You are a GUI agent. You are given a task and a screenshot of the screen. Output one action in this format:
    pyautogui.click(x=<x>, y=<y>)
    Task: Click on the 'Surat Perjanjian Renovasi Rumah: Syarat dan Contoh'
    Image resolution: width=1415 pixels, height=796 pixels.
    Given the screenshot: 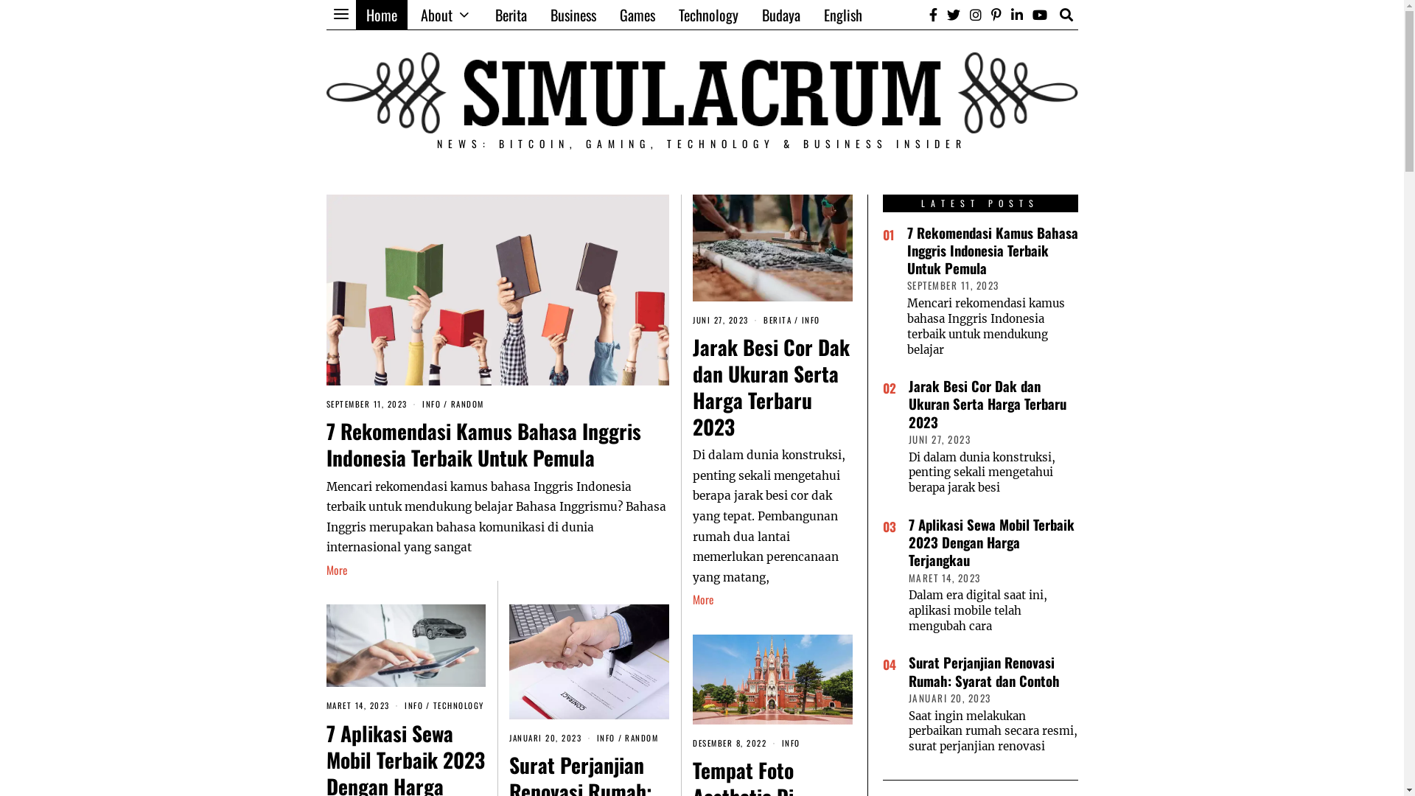 What is the action you would take?
    pyautogui.click(x=983, y=671)
    